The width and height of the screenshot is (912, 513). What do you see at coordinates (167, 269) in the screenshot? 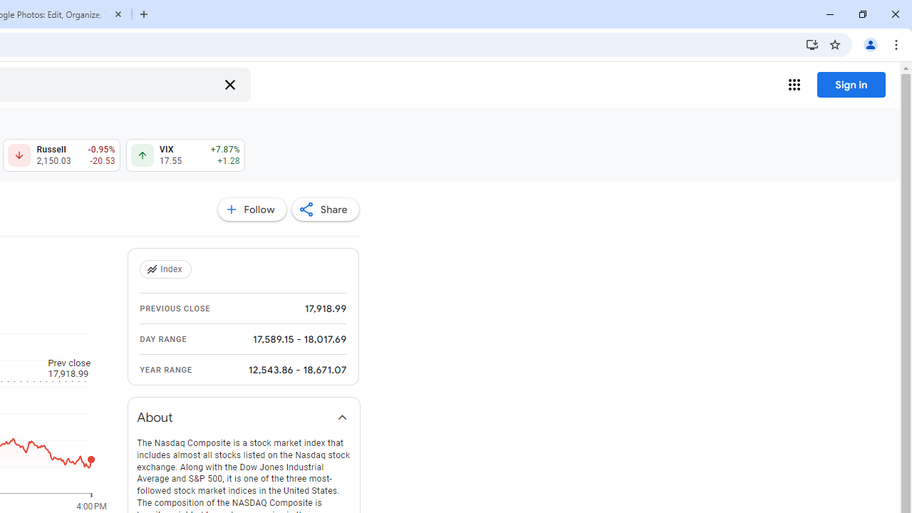
I see `'Index'` at bounding box center [167, 269].